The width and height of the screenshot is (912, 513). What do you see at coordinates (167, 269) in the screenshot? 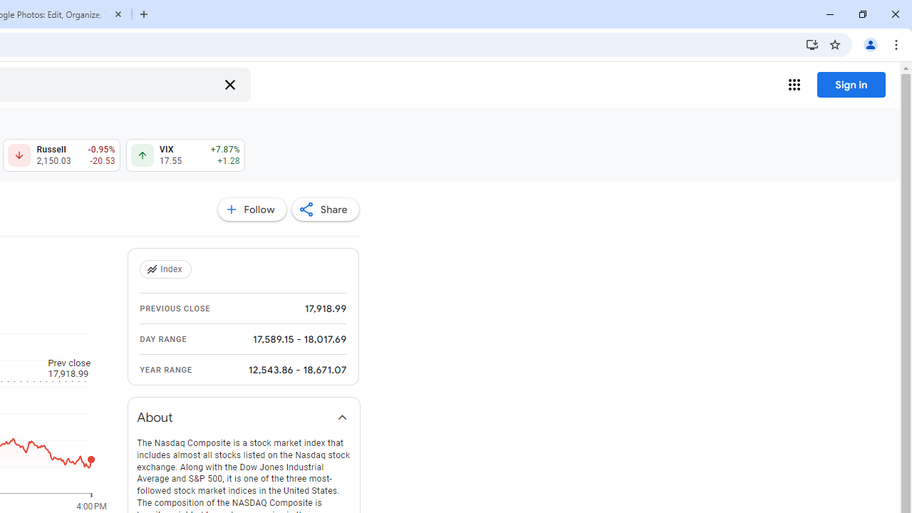
I see `'Index'` at bounding box center [167, 269].